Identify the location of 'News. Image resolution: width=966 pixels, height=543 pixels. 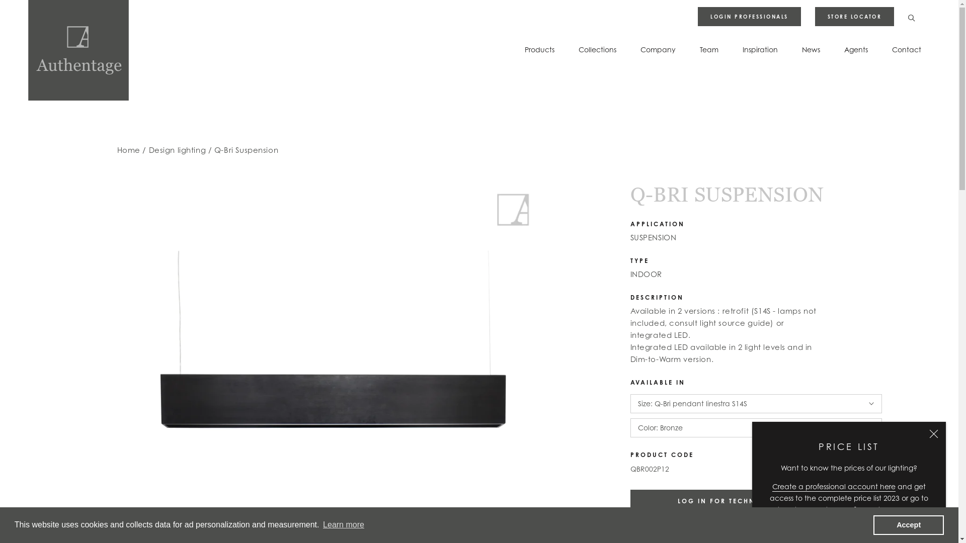
(811, 49).